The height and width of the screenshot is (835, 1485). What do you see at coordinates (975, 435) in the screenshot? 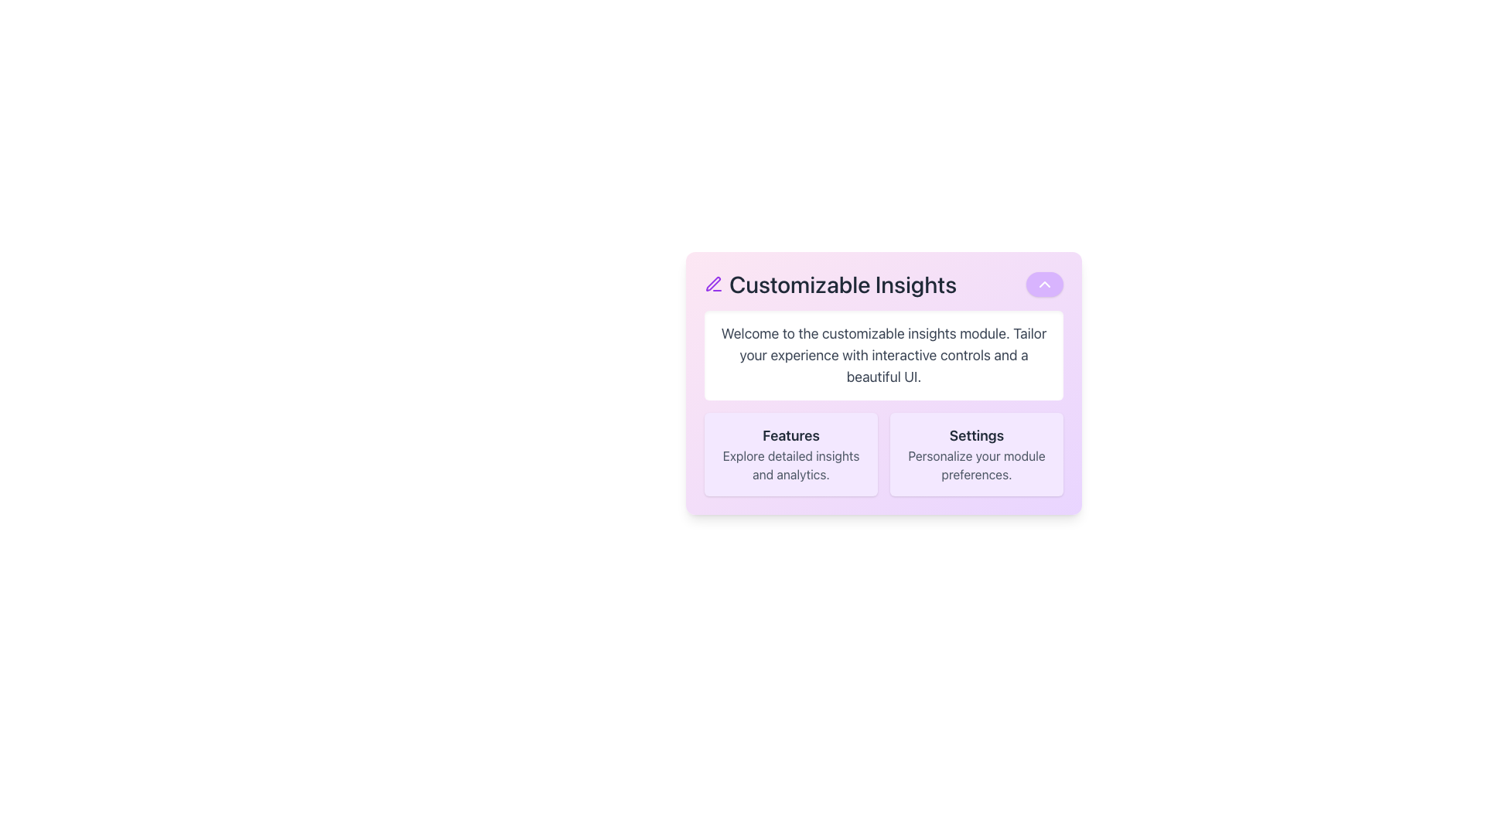
I see `the 'Settings' text label, which serves as a heading for configuring options in the 'Customizable Insights' card, located at the bottom-right section of the card` at bounding box center [975, 435].